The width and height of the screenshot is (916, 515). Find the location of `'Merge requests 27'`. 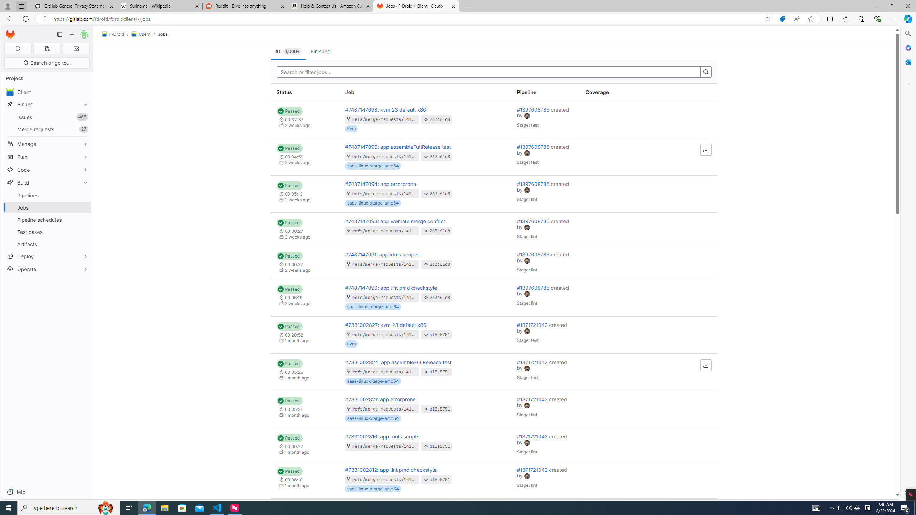

'Merge requests 27' is located at coordinates (47, 129).